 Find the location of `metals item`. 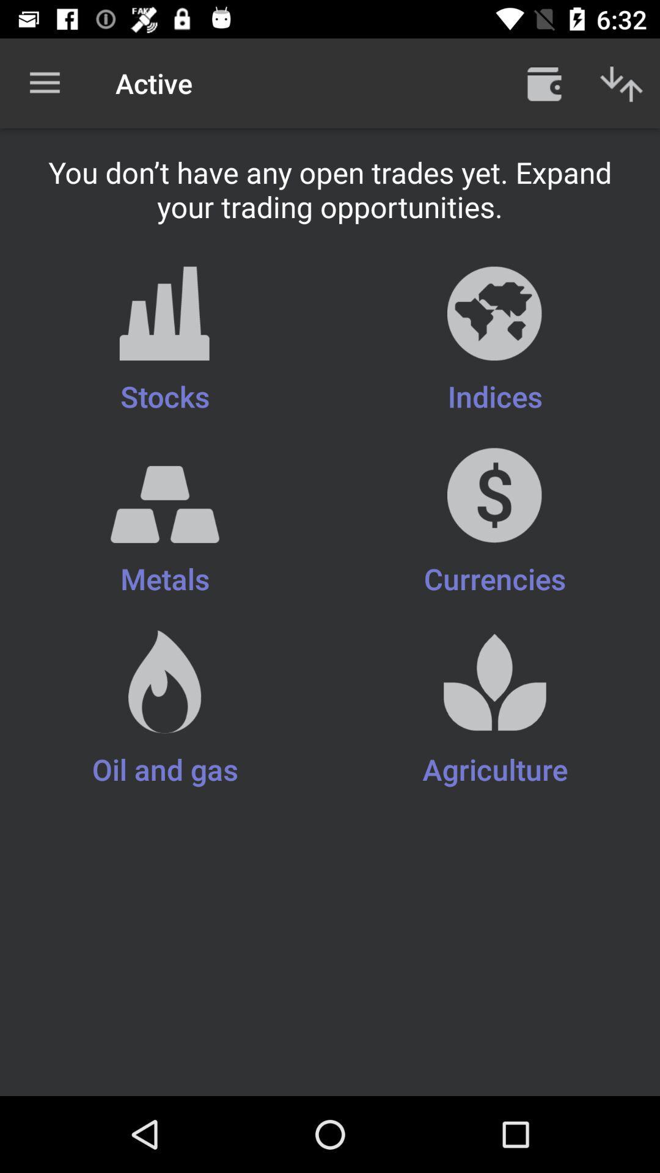

metals item is located at coordinates (165, 532).